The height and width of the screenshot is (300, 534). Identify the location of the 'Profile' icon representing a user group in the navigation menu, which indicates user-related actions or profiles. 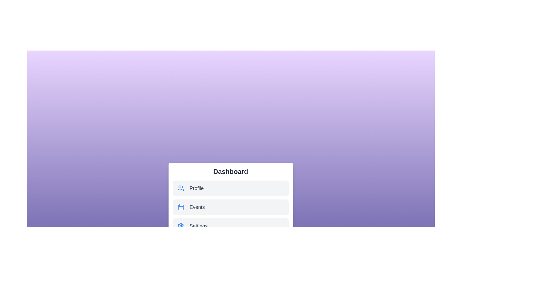
(181, 188).